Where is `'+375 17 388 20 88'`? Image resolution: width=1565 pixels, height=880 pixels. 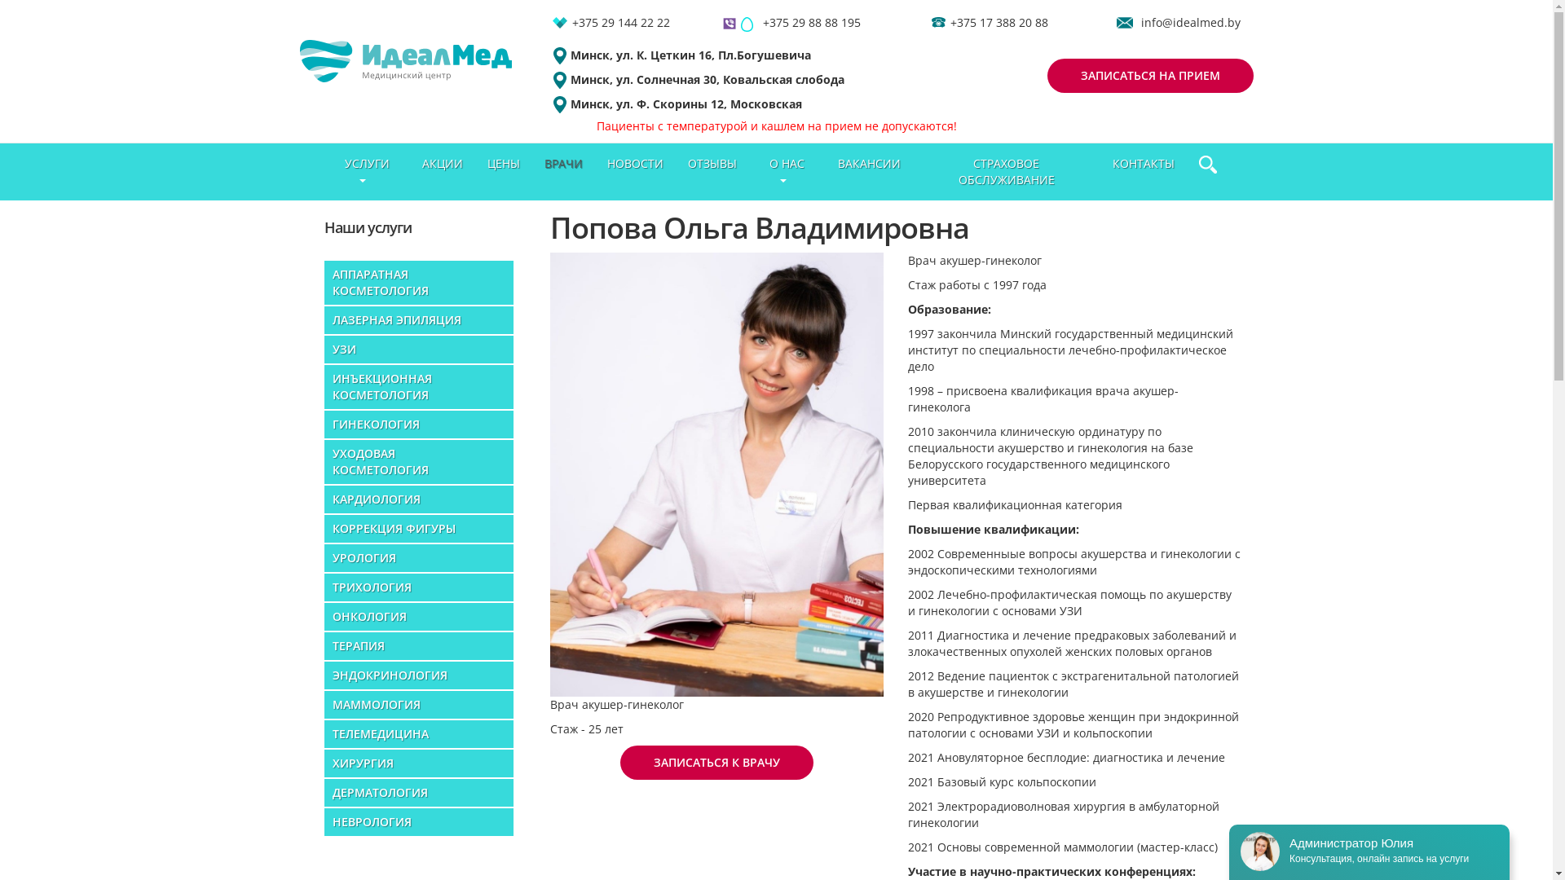 '+375 17 388 20 88' is located at coordinates (998, 22).